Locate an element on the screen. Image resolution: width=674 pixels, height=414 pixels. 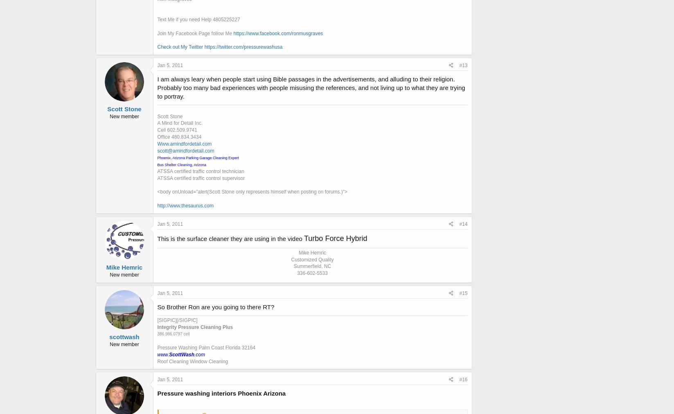
'Cell 602.509.9741' is located at coordinates (177, 129).